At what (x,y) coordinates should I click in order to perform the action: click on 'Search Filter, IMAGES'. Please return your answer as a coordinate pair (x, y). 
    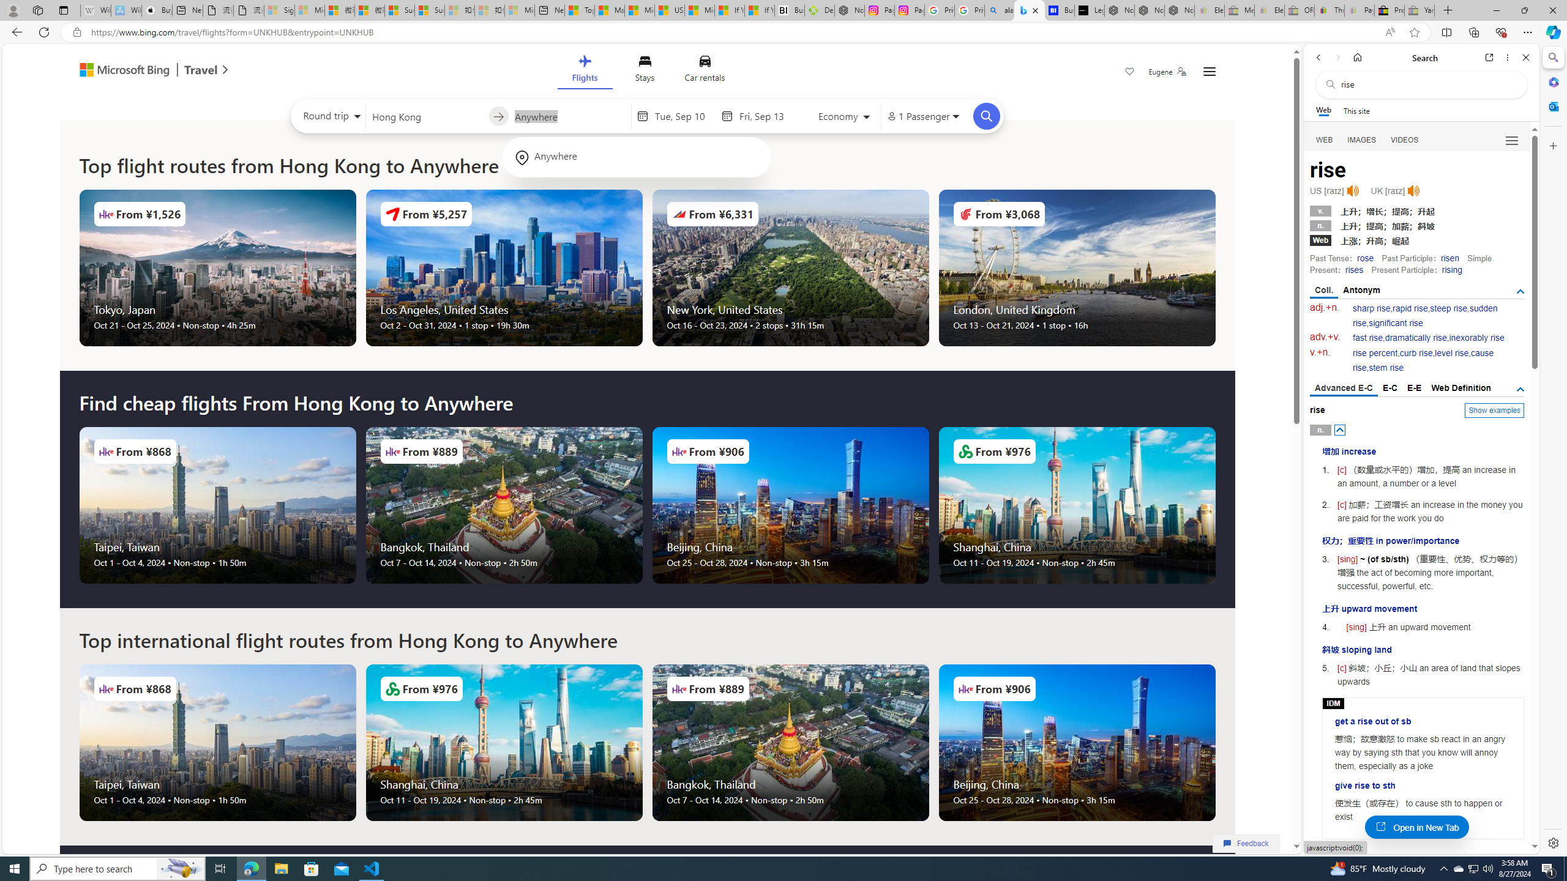
    Looking at the image, I should click on (1362, 139).